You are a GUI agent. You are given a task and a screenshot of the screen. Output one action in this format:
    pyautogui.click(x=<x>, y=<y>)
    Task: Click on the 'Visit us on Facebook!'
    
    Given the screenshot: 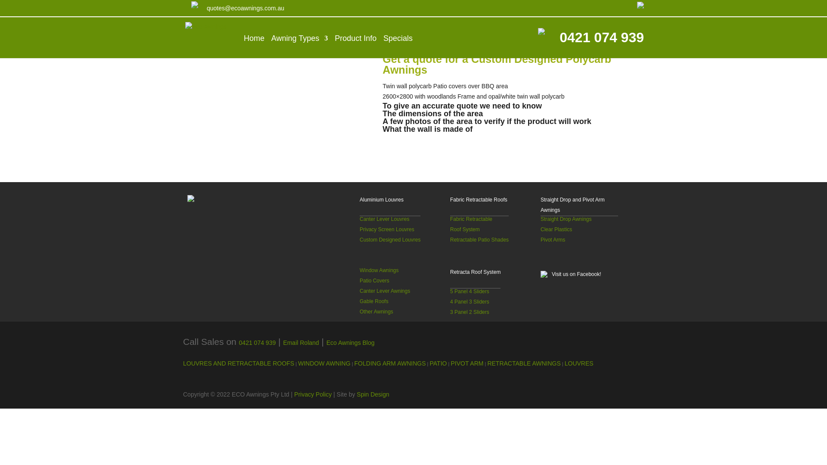 What is the action you would take?
    pyautogui.click(x=579, y=262)
    